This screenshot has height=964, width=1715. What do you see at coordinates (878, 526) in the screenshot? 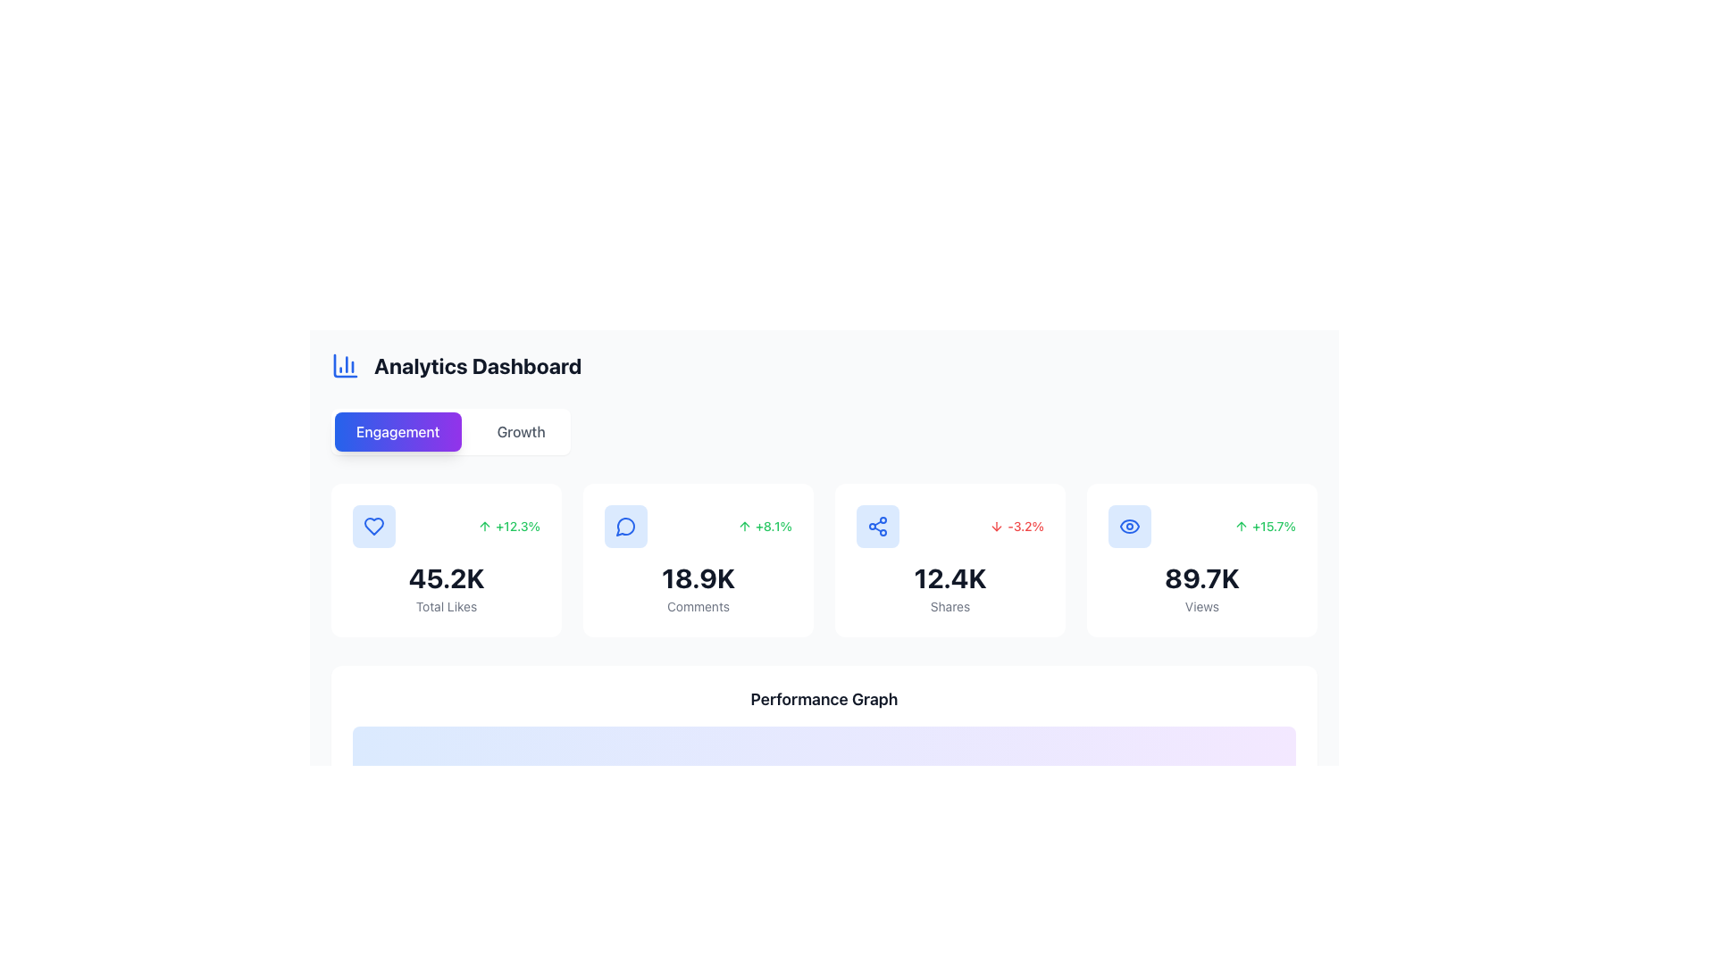
I see `the share icon located in the 'Shares' section of the dashboard, which symbolizes sharing and is positioned inside a box as part of the analytics metrics` at bounding box center [878, 526].